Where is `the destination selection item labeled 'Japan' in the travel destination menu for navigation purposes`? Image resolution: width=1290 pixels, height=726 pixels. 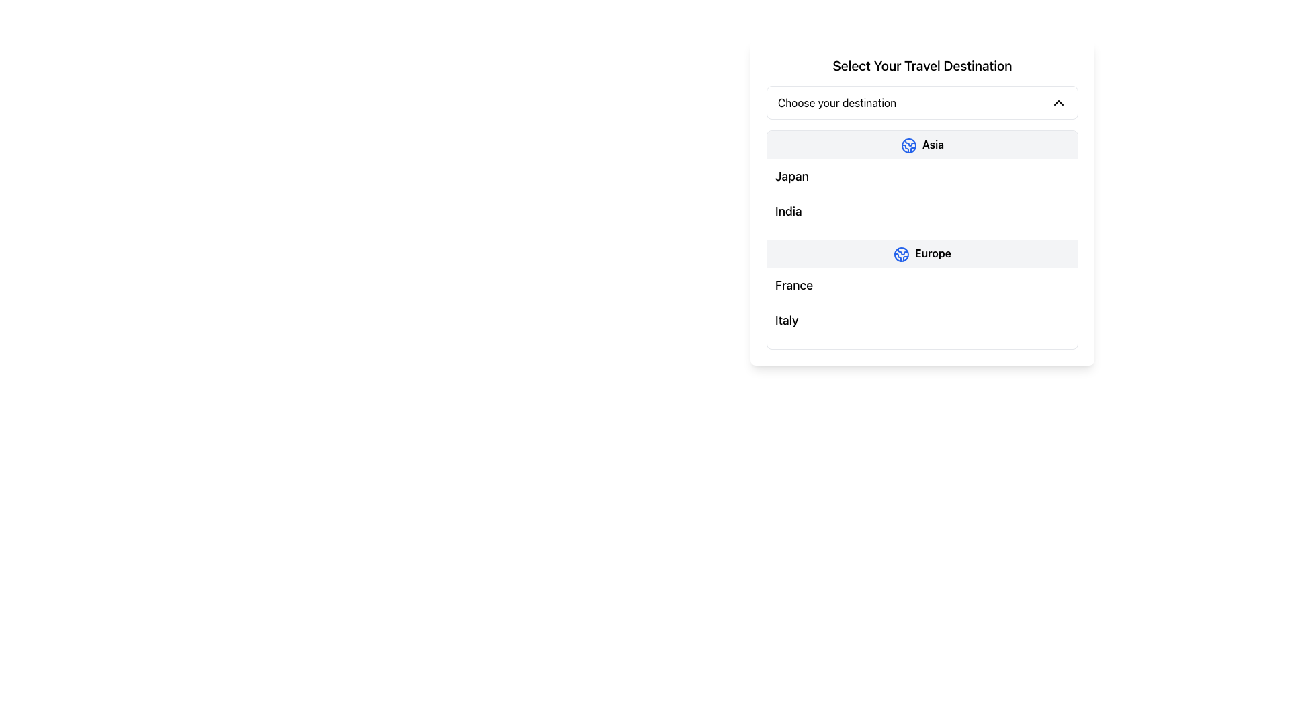 the destination selection item labeled 'Japan' in the travel destination menu for navigation purposes is located at coordinates (921, 175).